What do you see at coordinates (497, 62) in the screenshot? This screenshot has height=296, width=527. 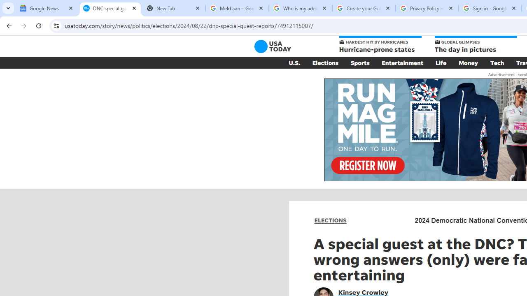 I see `'Tech'` at bounding box center [497, 62].